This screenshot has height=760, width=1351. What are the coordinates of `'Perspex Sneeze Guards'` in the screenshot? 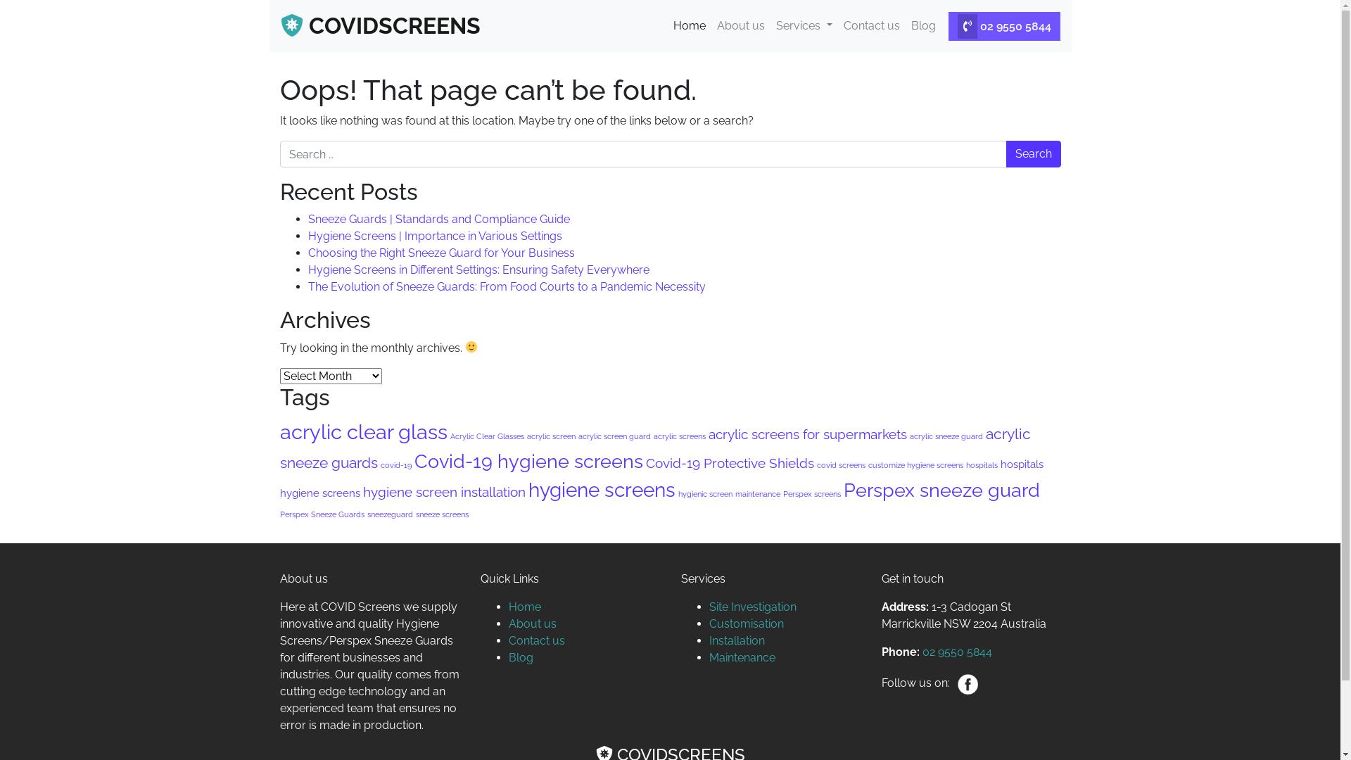 It's located at (321, 514).